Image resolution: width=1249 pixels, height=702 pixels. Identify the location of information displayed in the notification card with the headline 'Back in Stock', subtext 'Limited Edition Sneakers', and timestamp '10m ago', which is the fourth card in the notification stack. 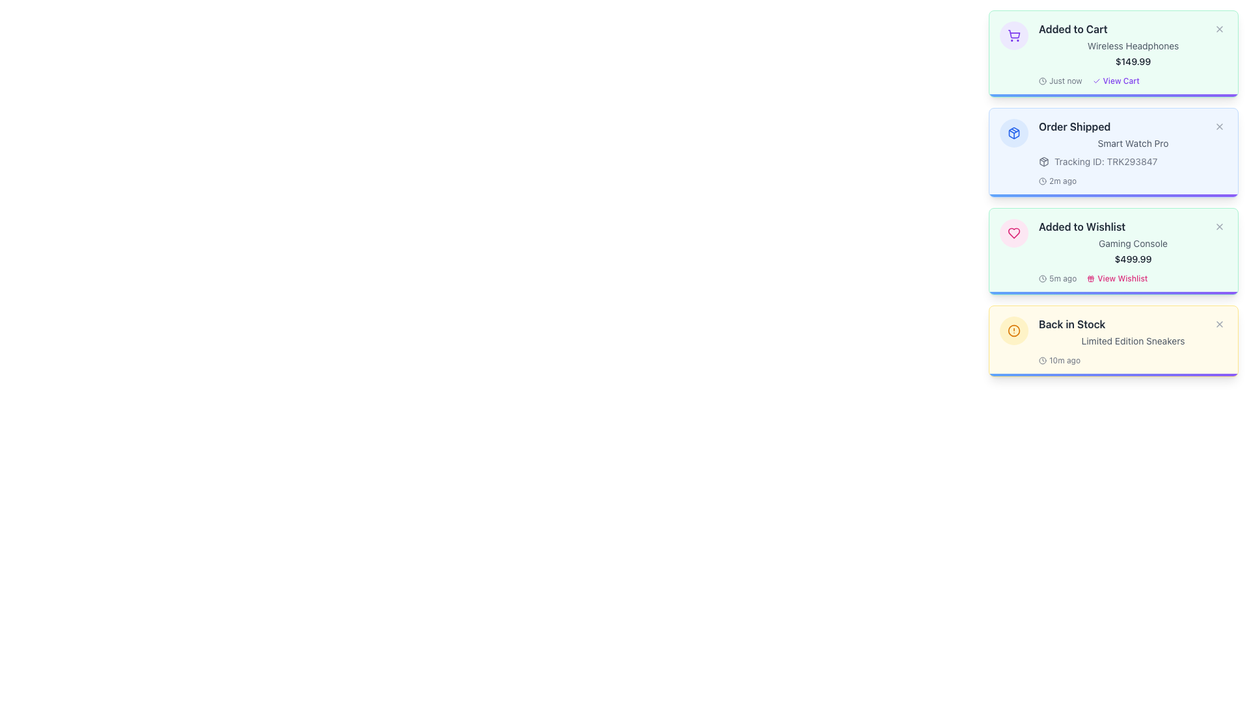
(1133, 340).